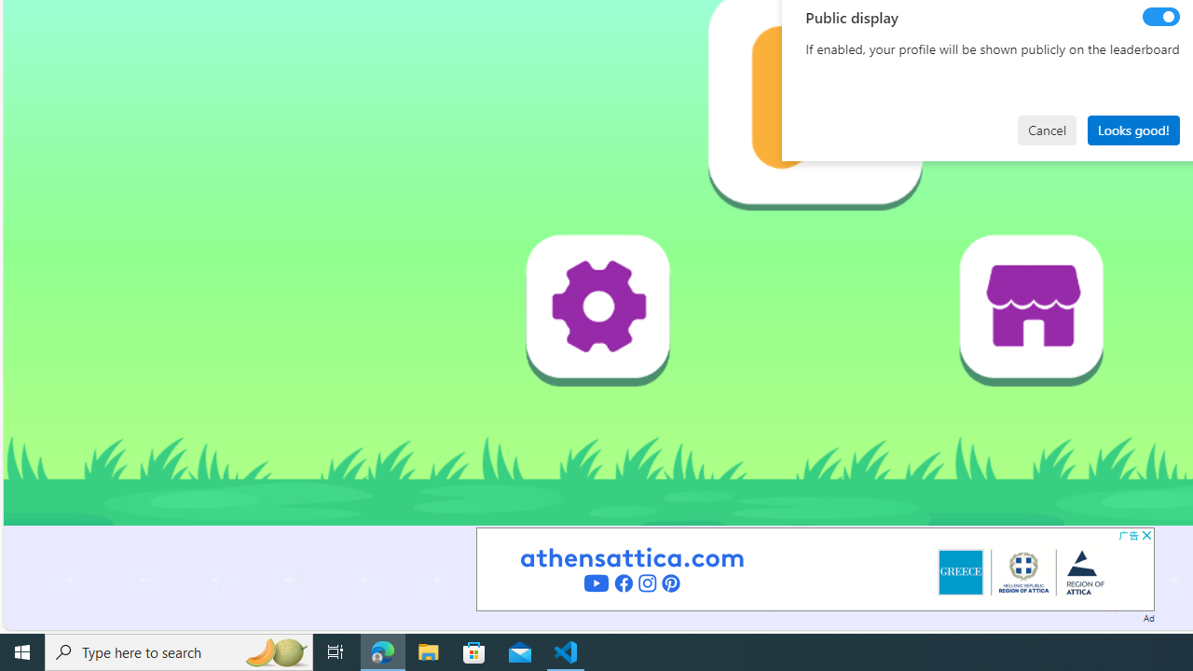 The width and height of the screenshot is (1193, 671). Describe the element at coordinates (1047, 129) in the screenshot. I see `'Cancel'` at that location.